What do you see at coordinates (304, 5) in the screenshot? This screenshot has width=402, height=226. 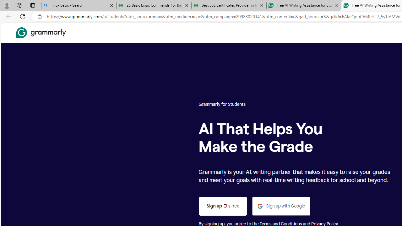 I see `'Free AI Writing Assistance for Students | Grammarly'` at bounding box center [304, 5].